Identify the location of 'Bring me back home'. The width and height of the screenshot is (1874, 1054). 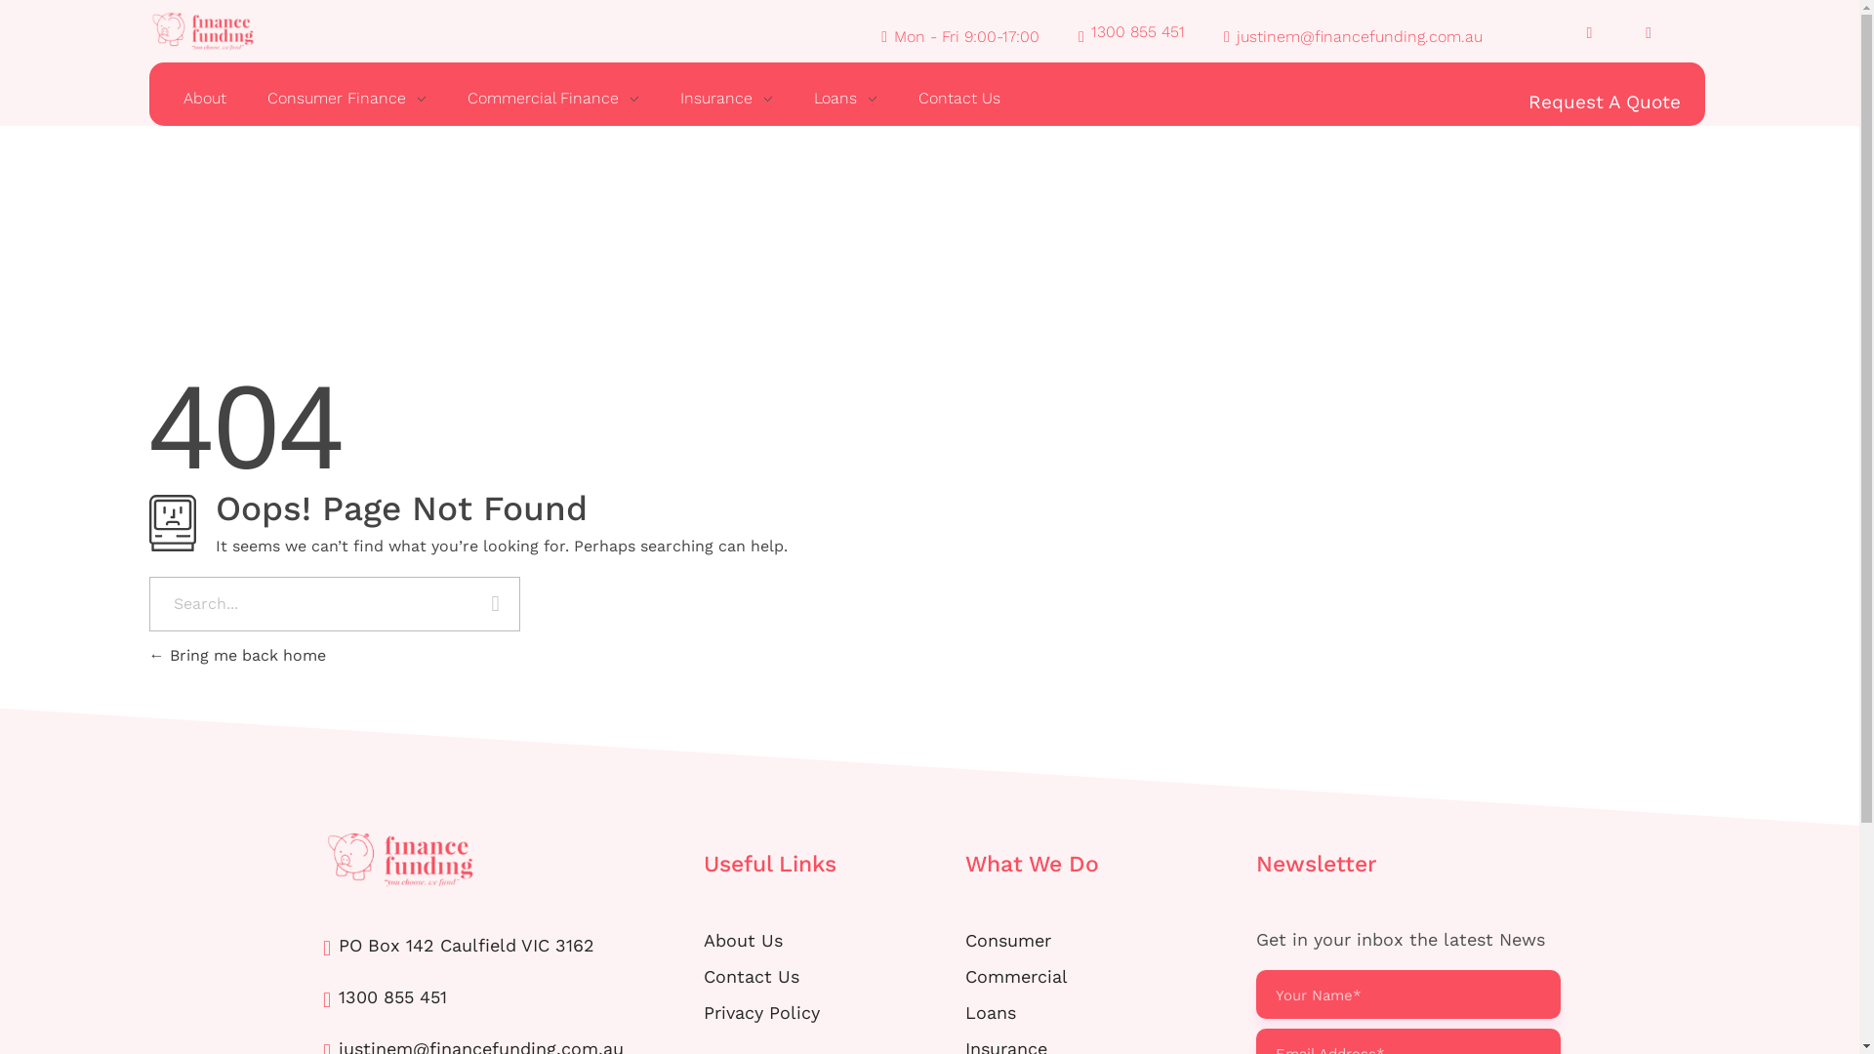
(235, 655).